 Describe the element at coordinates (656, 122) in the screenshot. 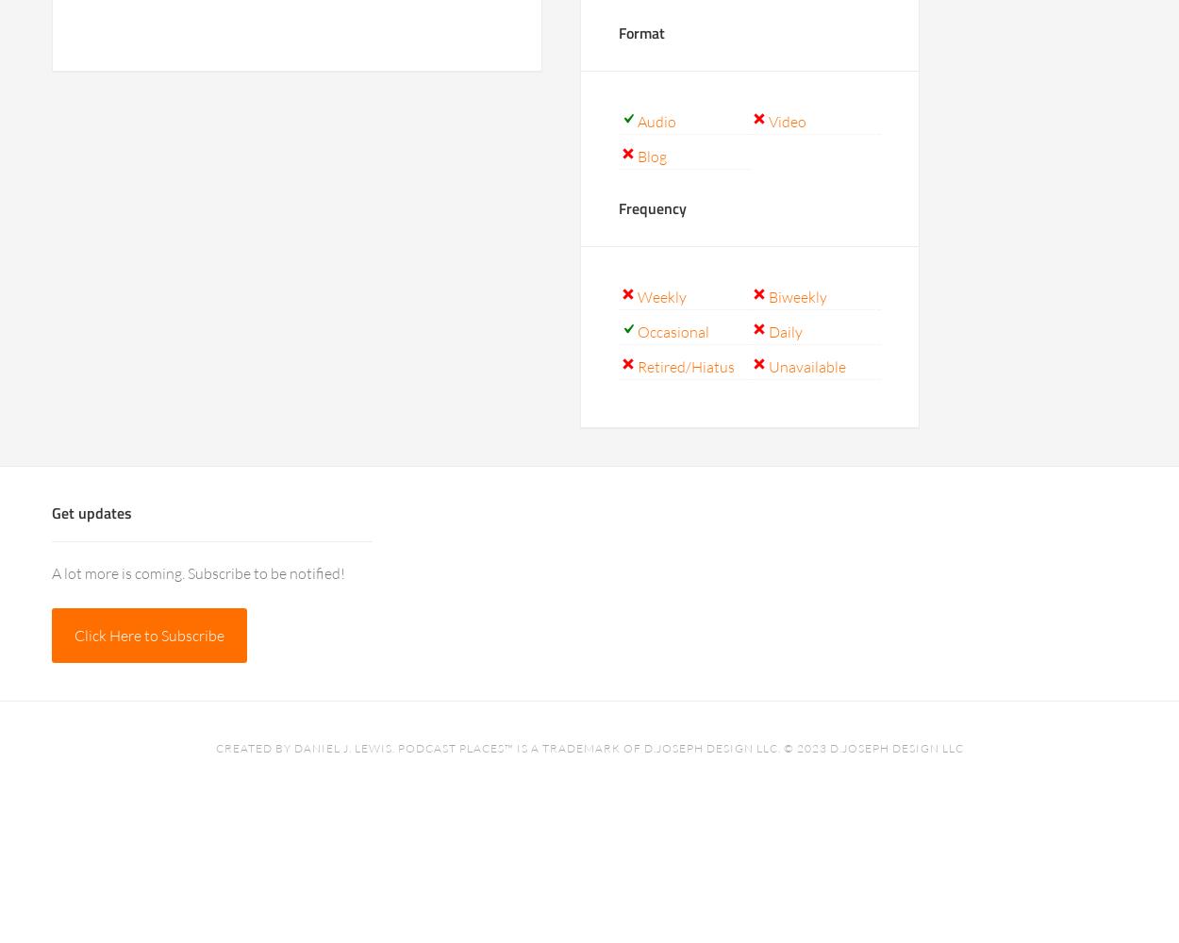

I see `'Audio'` at that location.